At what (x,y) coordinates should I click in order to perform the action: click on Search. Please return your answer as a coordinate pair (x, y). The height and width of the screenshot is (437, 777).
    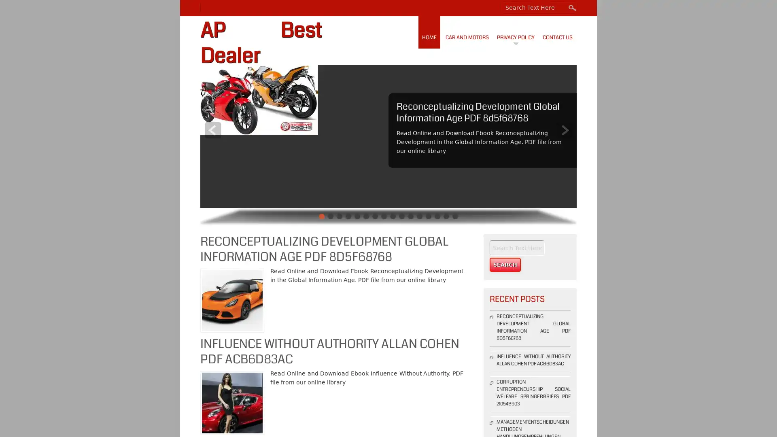
    Looking at the image, I should click on (505, 265).